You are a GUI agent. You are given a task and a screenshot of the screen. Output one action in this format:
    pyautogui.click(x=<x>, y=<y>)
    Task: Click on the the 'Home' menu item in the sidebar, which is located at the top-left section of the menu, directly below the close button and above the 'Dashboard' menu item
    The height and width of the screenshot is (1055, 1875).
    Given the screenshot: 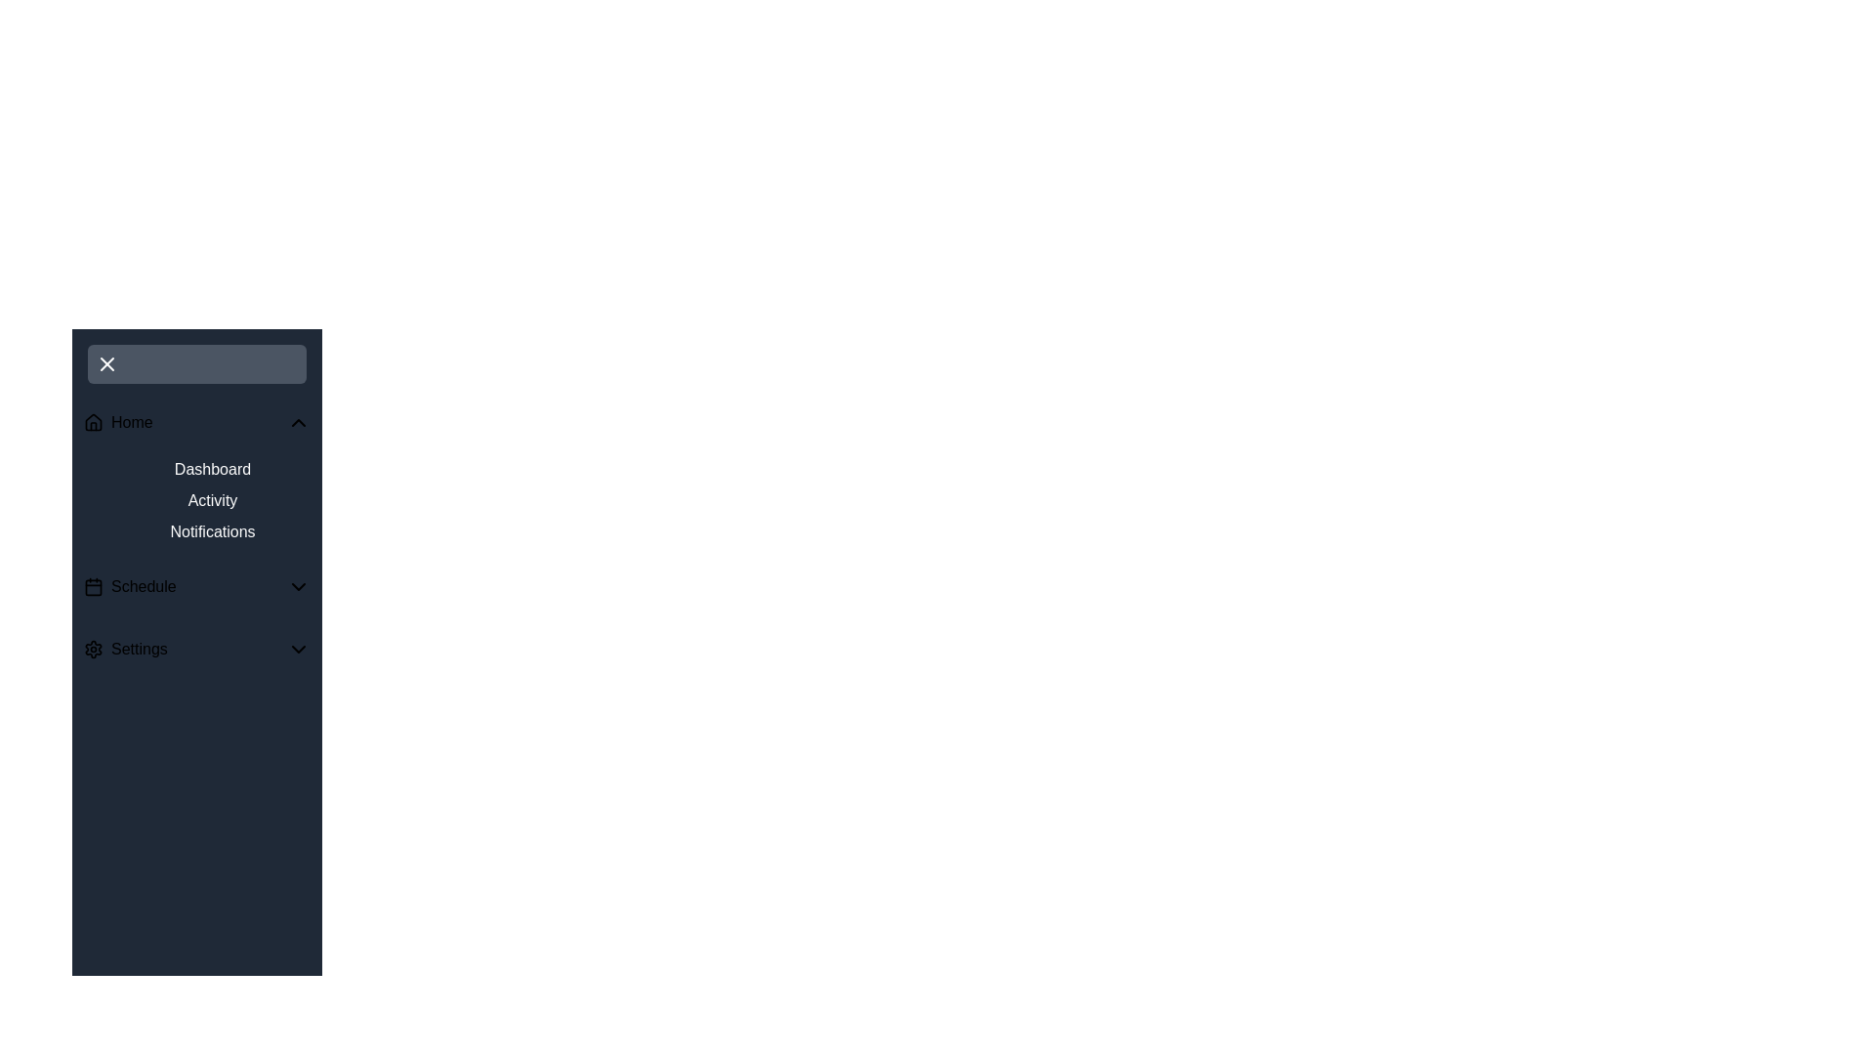 What is the action you would take?
    pyautogui.click(x=117, y=421)
    